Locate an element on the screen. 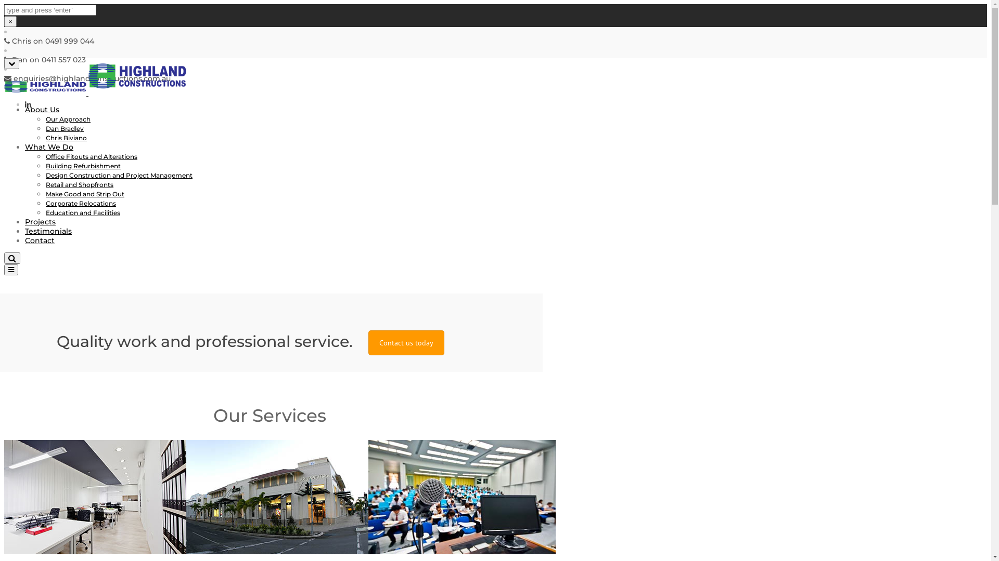  'Building Refurbishment' is located at coordinates (82, 165).